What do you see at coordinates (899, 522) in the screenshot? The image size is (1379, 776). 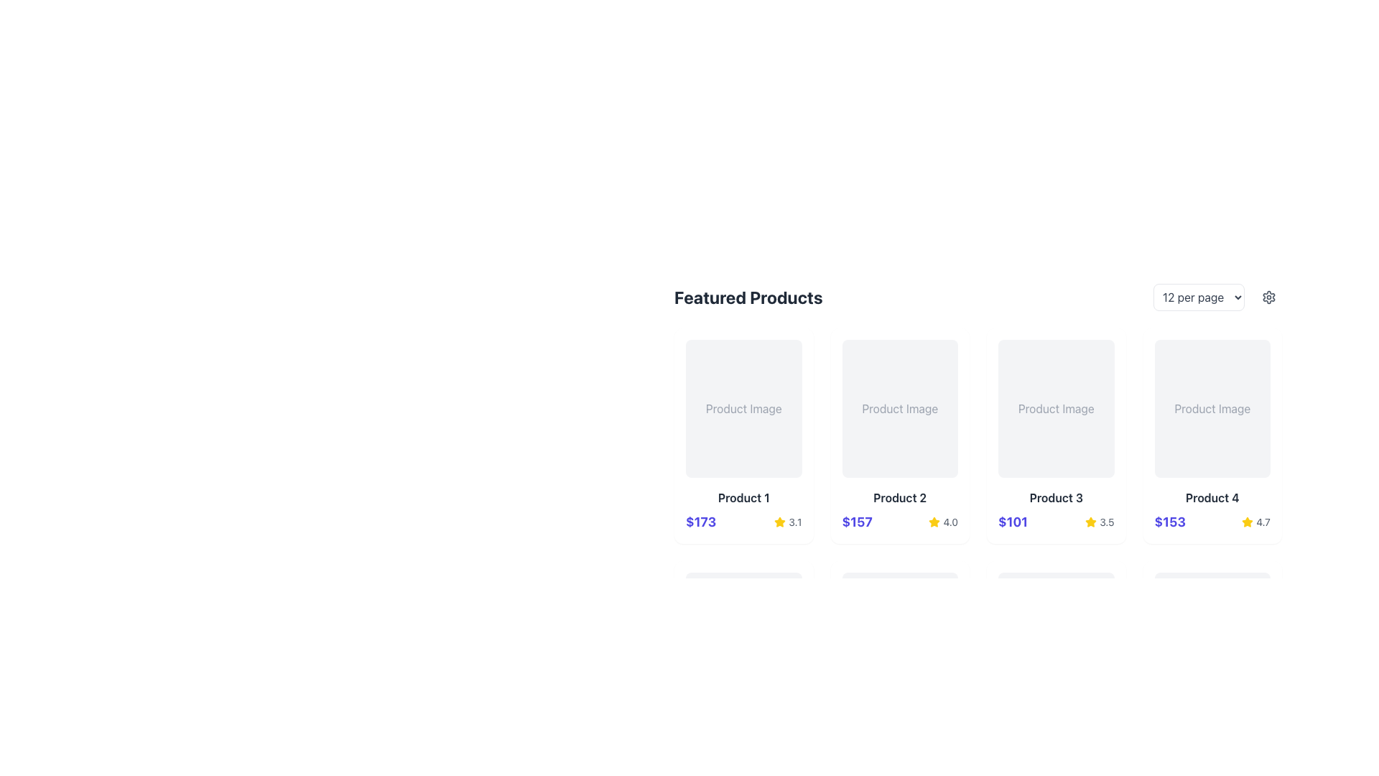 I see `the monetary value and rating information displayed in bold indigo text accompanied by a star icon within the 'Product 2' card, located below the product title` at bounding box center [899, 522].